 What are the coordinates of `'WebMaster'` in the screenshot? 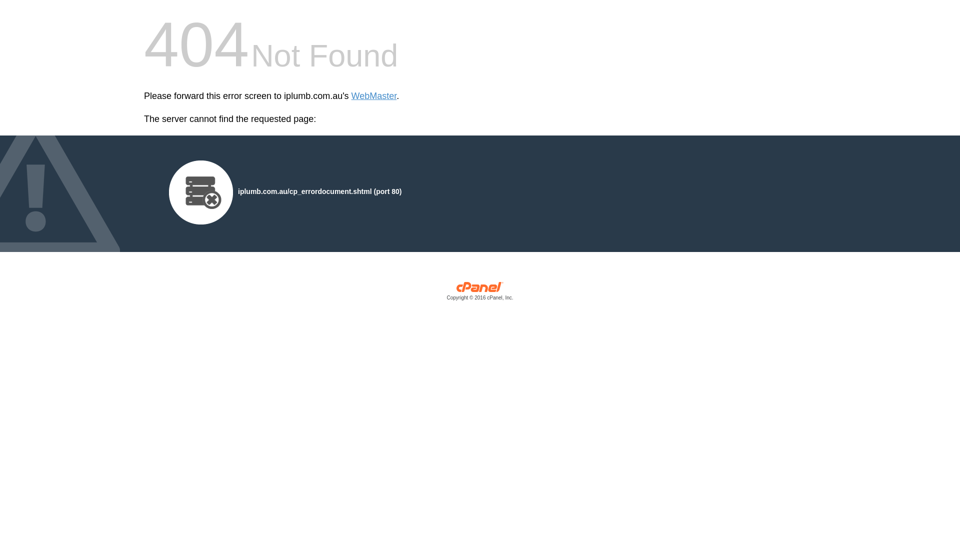 It's located at (373, 96).